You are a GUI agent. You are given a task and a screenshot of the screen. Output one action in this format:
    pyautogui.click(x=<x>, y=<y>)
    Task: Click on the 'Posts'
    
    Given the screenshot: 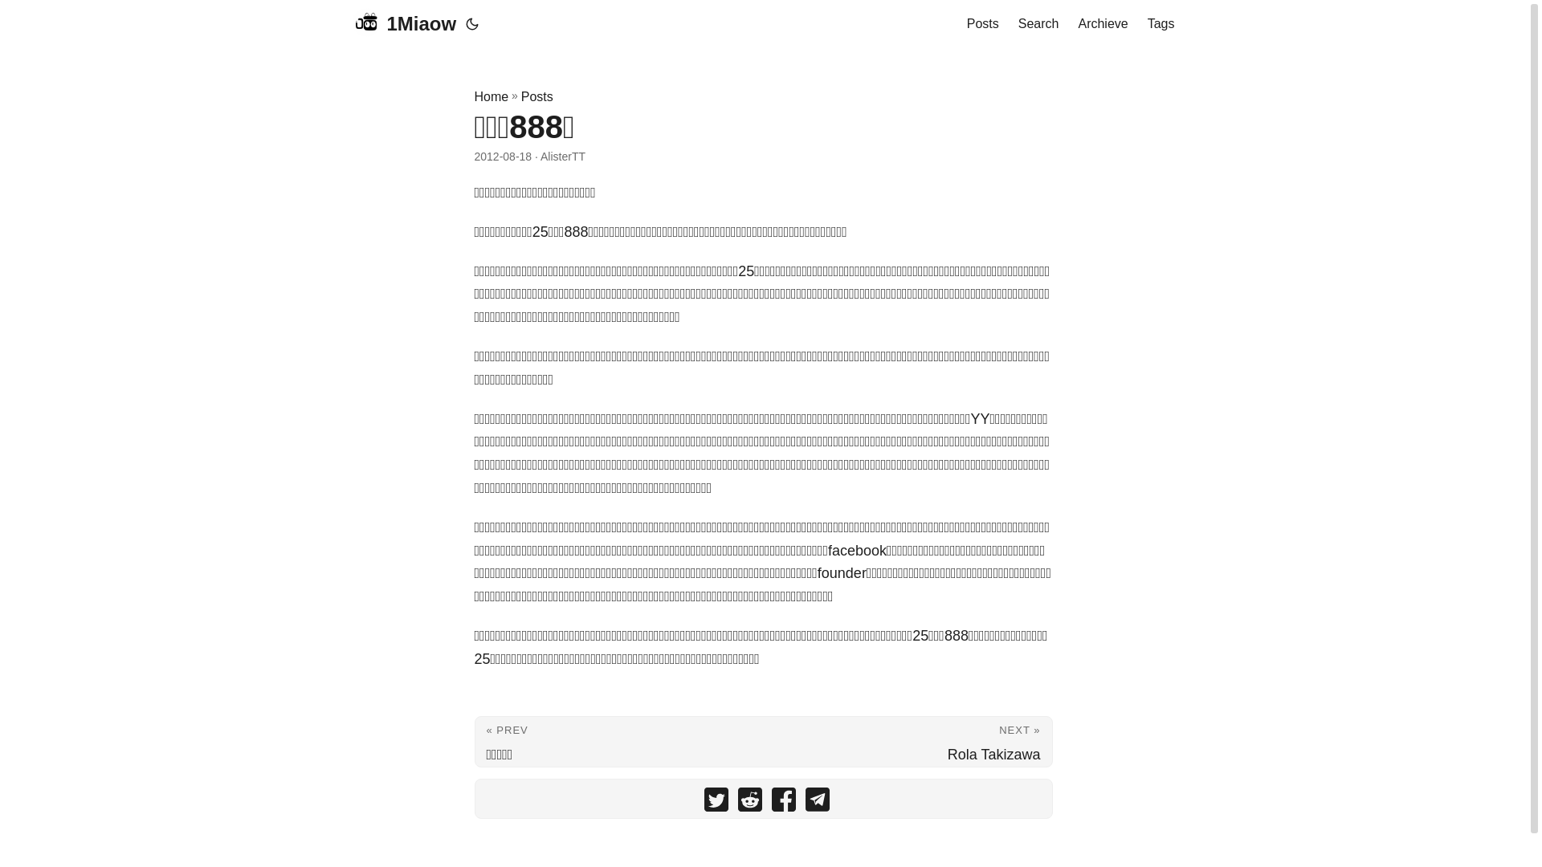 What is the action you would take?
    pyautogui.click(x=982, y=24)
    